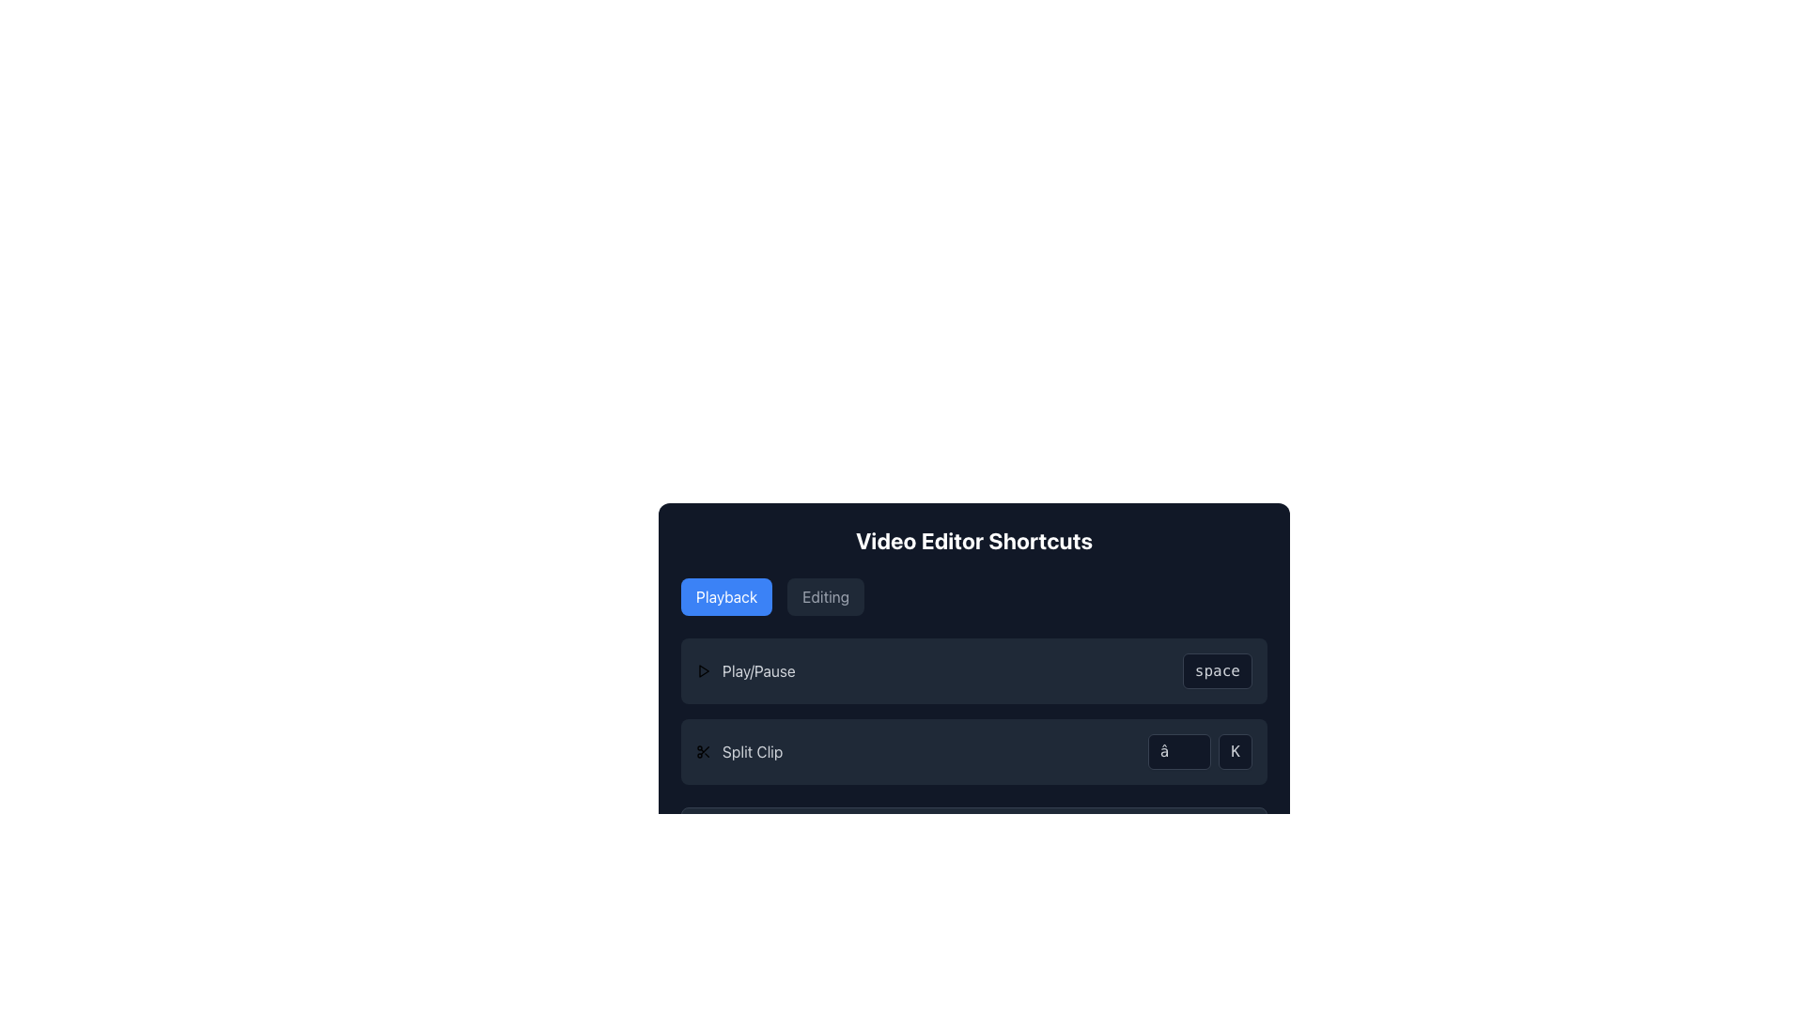 The width and height of the screenshot is (1804, 1014). What do you see at coordinates (725, 597) in the screenshot?
I see `the Playback button located at the top-left corner of the button group to switch to Playback mode` at bounding box center [725, 597].